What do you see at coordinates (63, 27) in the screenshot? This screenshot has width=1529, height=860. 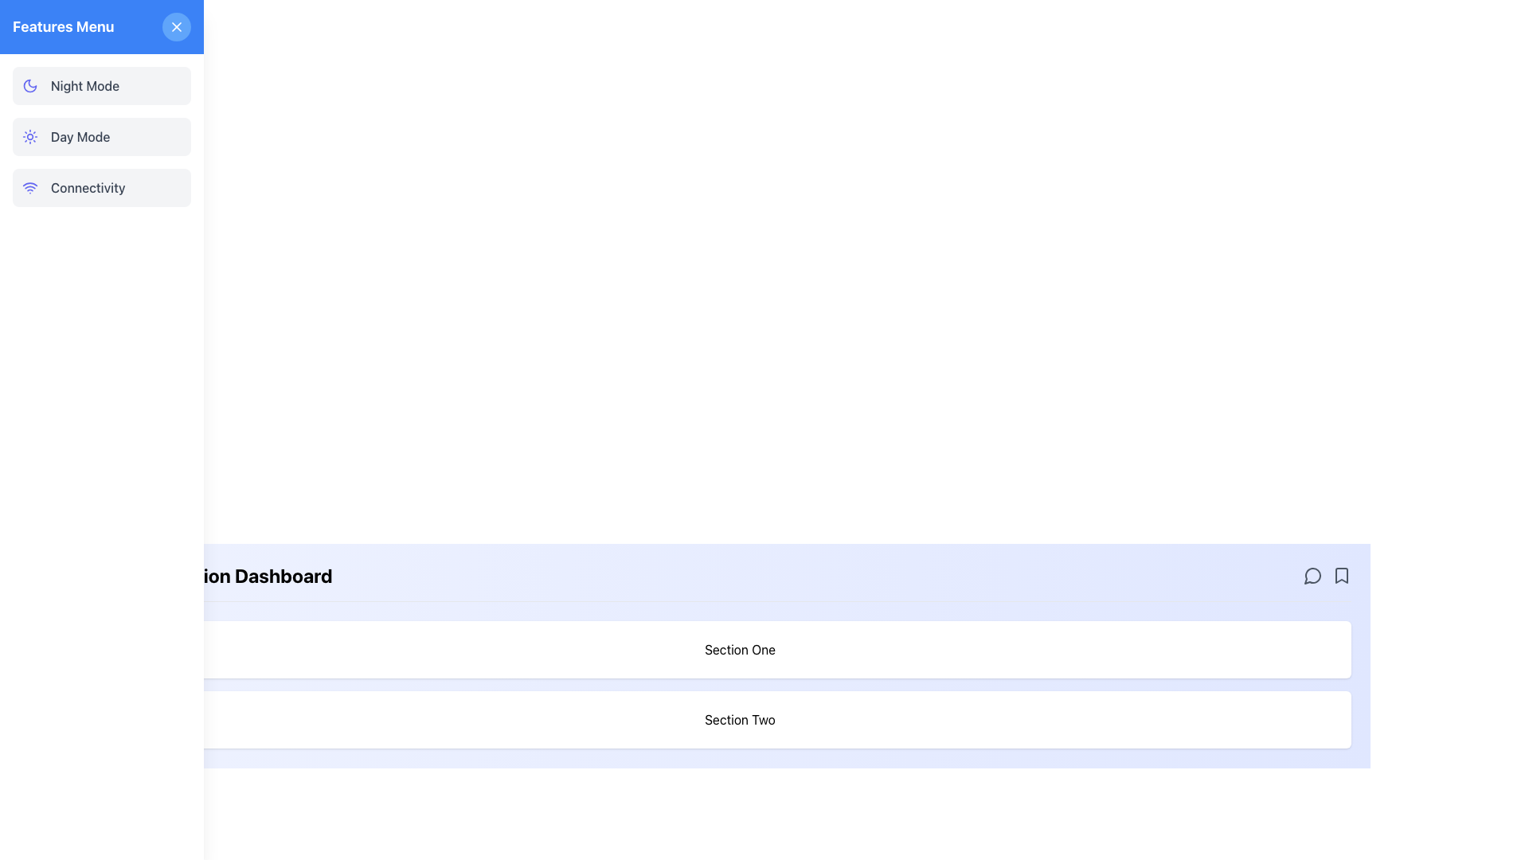 I see `the Text Label located in the top-left corner of the interface, which serves as a title for the current menu displayed within a blue header bar` at bounding box center [63, 27].